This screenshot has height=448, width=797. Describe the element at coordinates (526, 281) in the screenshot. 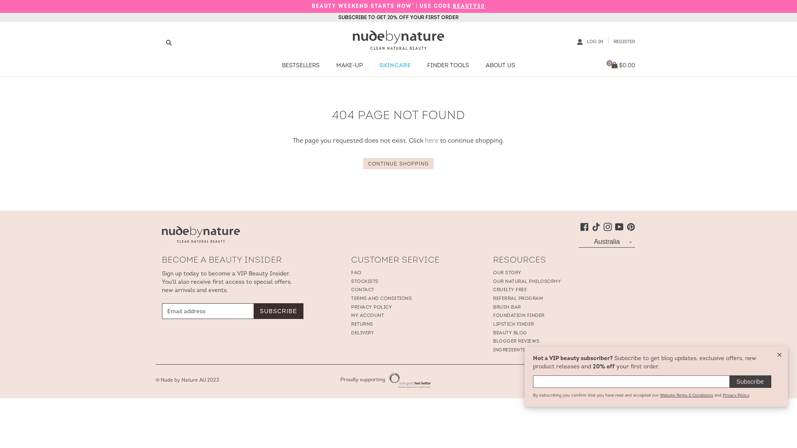

I see `'OUR NATURAL PHILOSOPHY'` at that location.